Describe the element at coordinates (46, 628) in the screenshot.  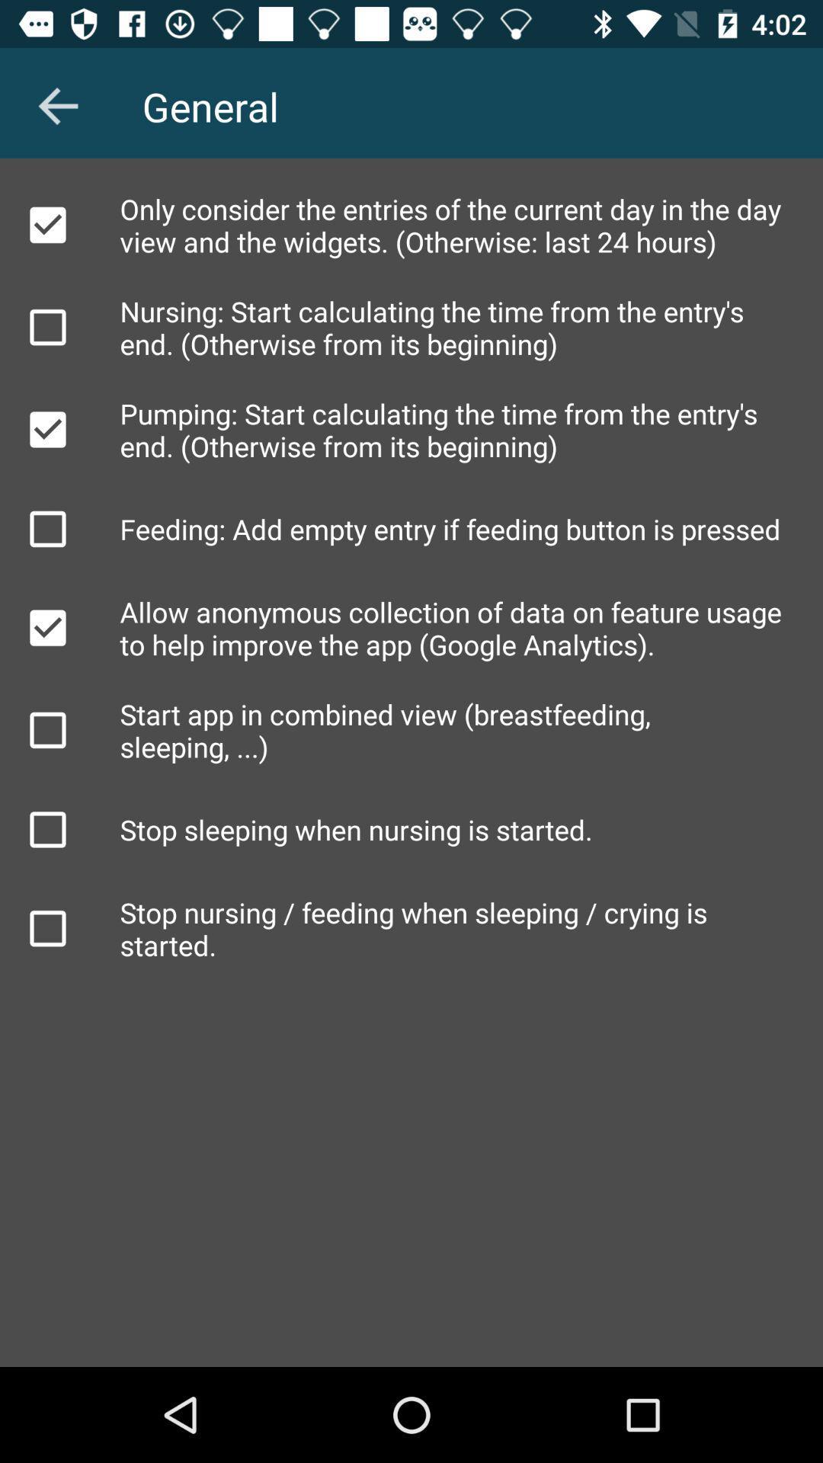
I see `check box to allow anonymous collection of data` at that location.